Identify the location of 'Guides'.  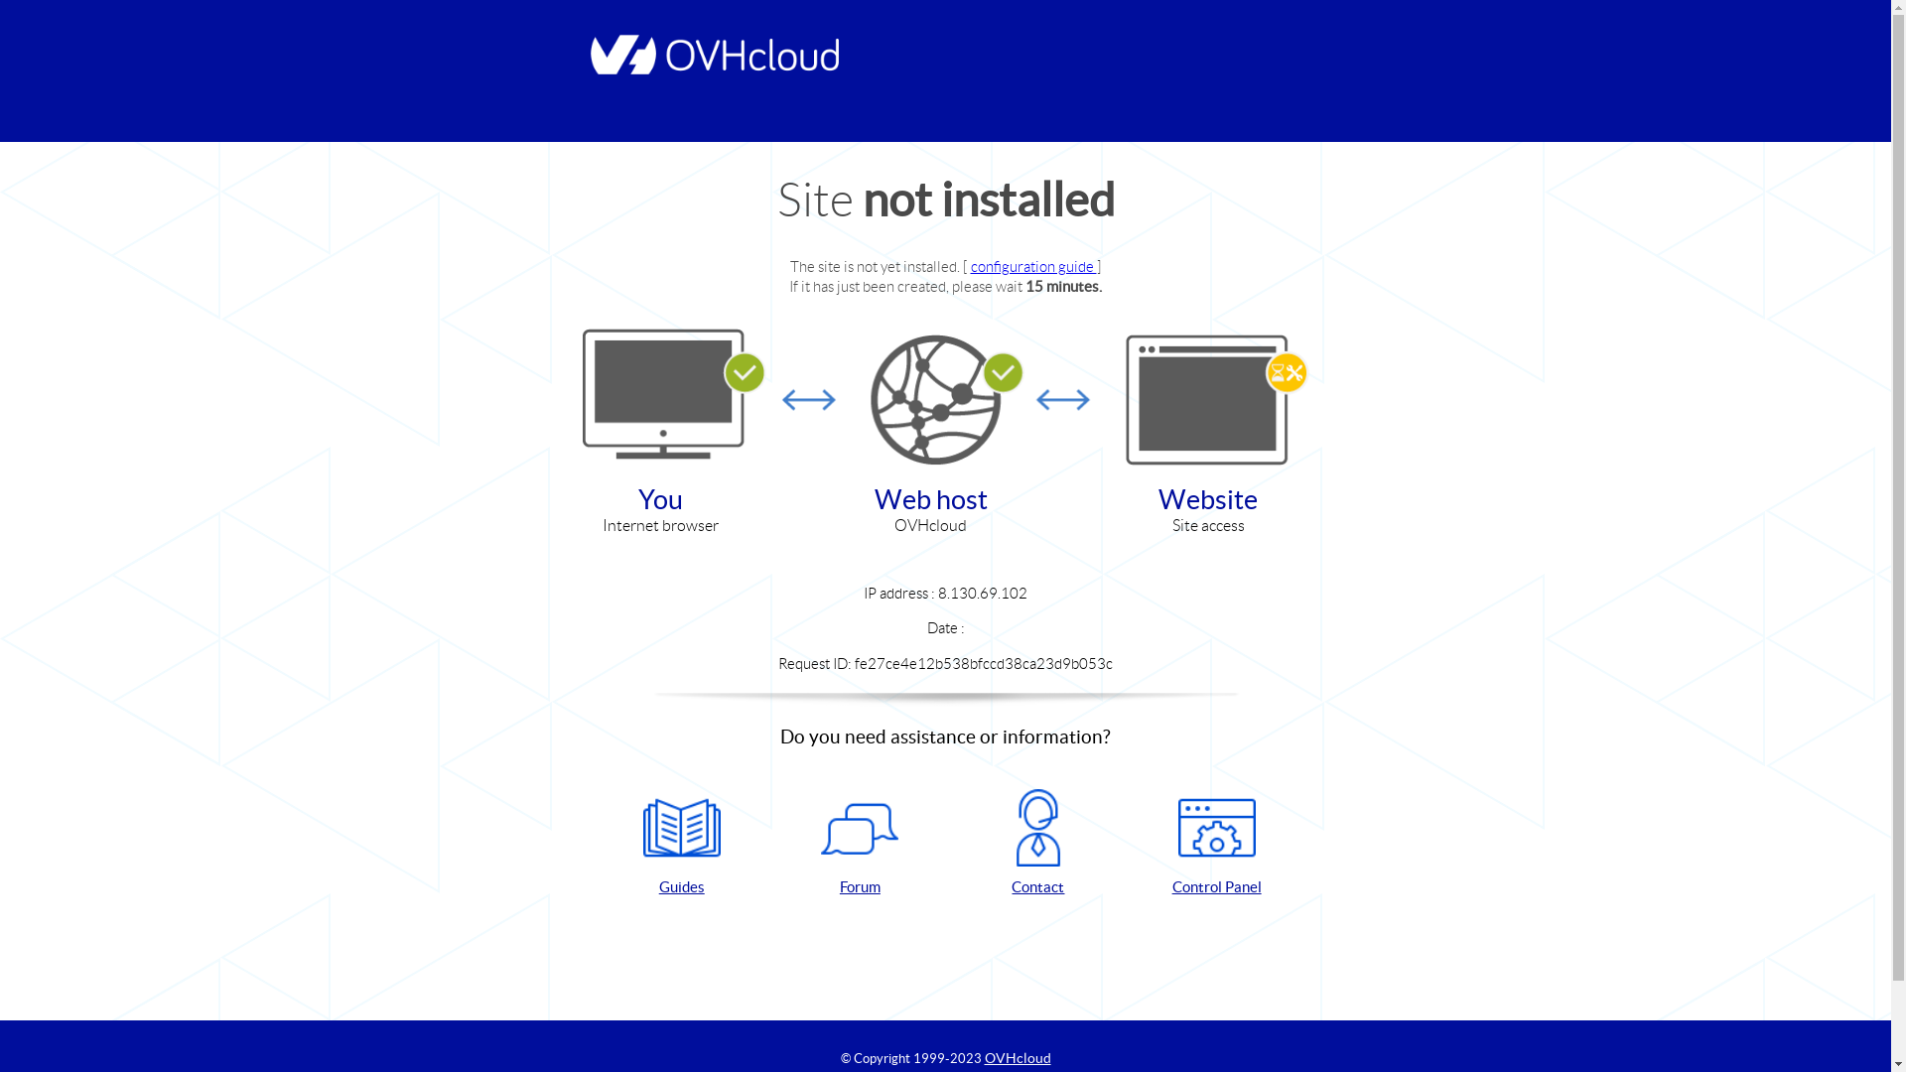
(681, 843).